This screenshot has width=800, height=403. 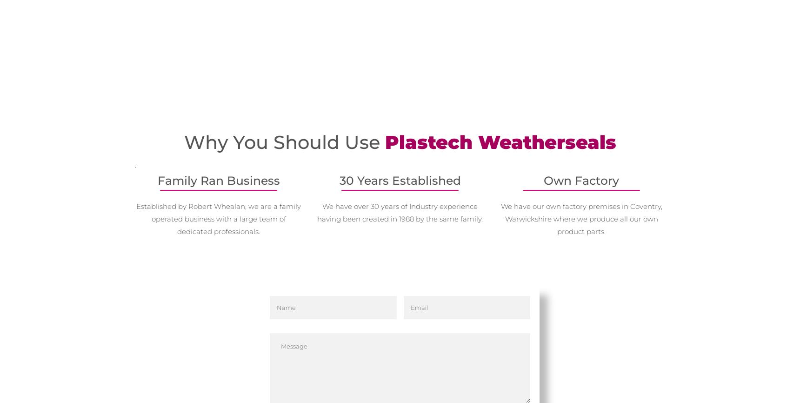 What do you see at coordinates (218, 180) in the screenshot?
I see `'Family Ran Business'` at bounding box center [218, 180].